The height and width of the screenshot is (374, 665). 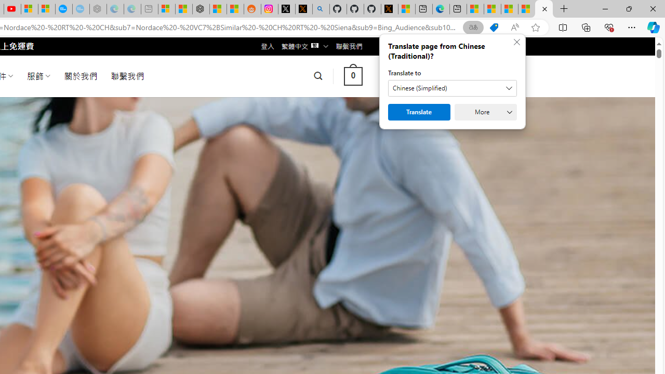 What do you see at coordinates (353, 75) in the screenshot?
I see `' 0 '` at bounding box center [353, 75].